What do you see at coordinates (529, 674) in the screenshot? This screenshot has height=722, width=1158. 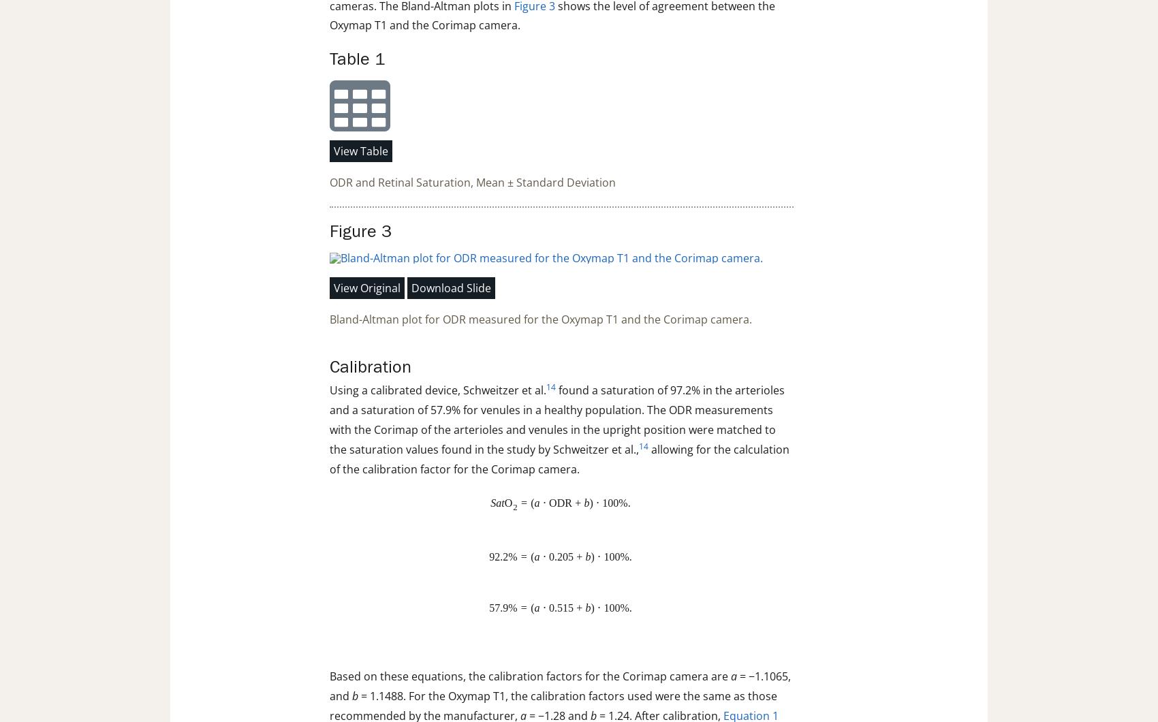 I see `'Based on these equations, the calibration factors for the Corimap camera are'` at bounding box center [529, 674].